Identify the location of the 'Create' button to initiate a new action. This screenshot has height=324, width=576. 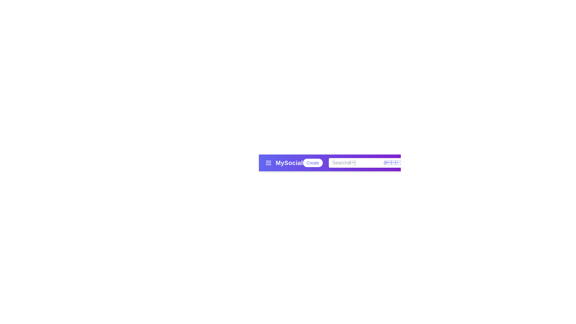
(312, 163).